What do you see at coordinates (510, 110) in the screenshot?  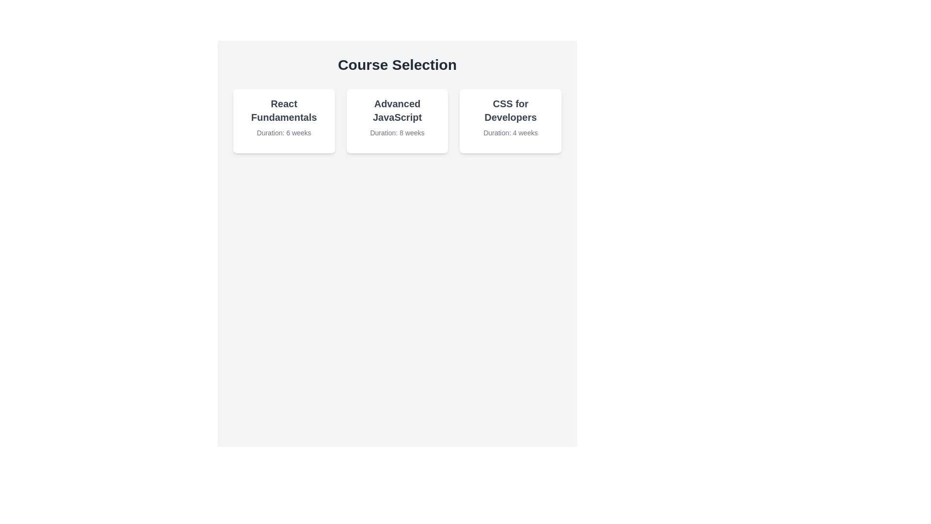 I see `the text label that displays 'CSS for Developers', which is prominently styled in bold dark gray on a white background, located in the upper region of the third card under 'Course Selection'` at bounding box center [510, 110].